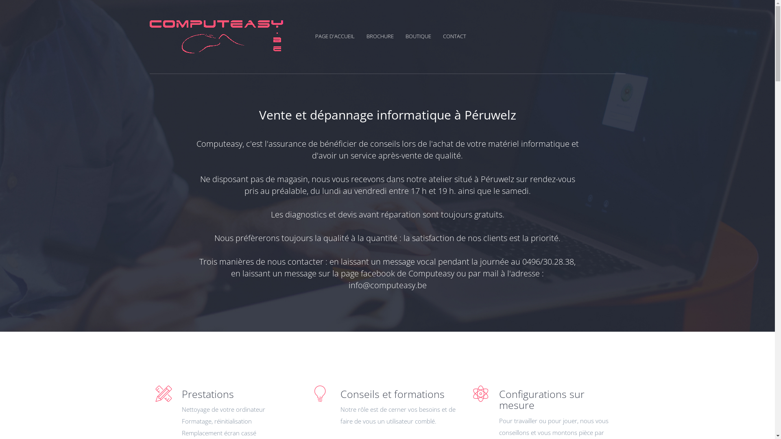  I want to click on 'BROCHURE', so click(384, 35).